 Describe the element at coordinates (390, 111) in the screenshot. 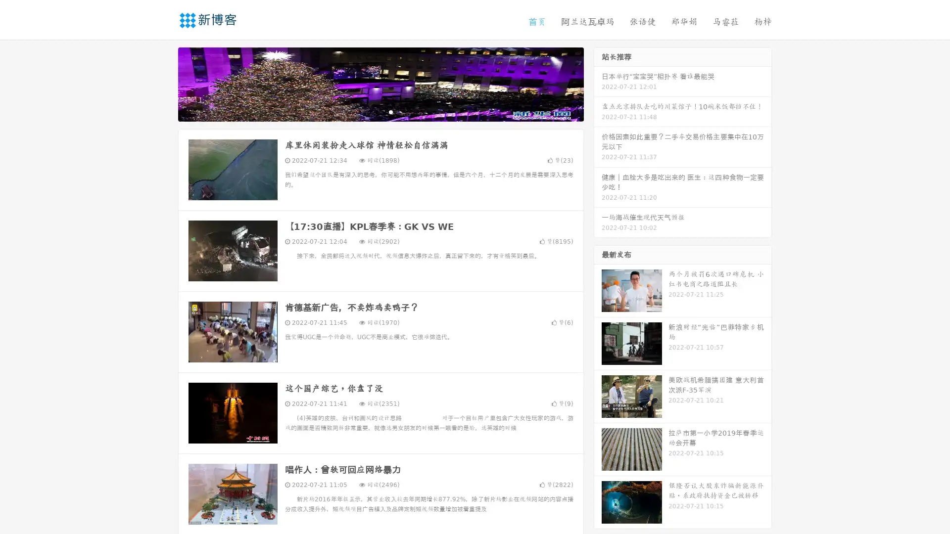

I see `Go to slide 3` at that location.